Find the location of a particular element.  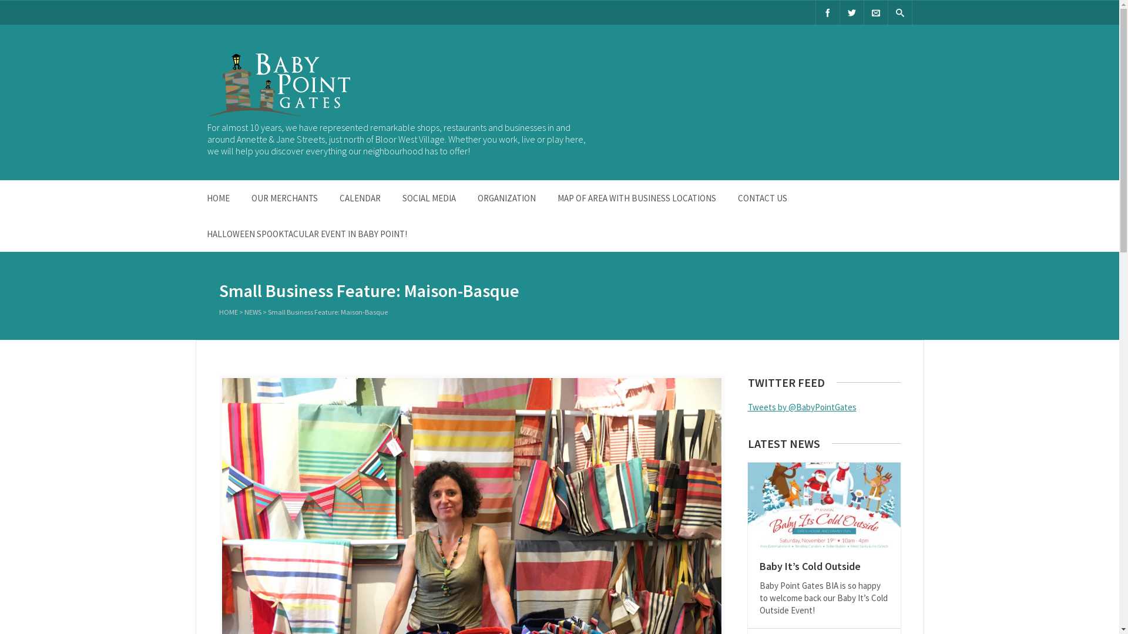

'NEWS' is located at coordinates (252, 311).